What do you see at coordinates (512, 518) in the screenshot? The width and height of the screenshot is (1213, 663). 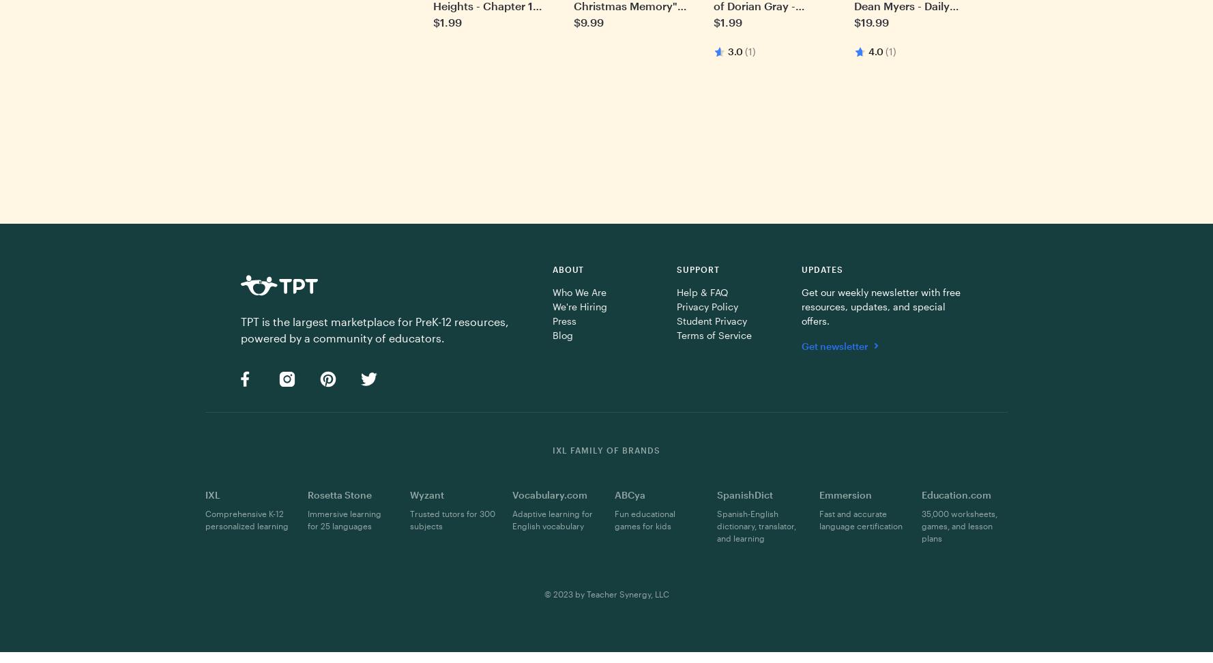 I see `'Adaptive learning for English vocabulary'` at bounding box center [512, 518].